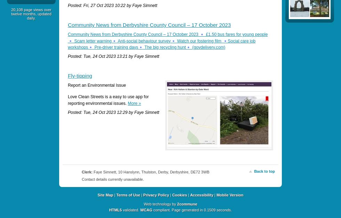  What do you see at coordinates (187, 203) in the screenshot?
I see `'2commune'` at bounding box center [187, 203].